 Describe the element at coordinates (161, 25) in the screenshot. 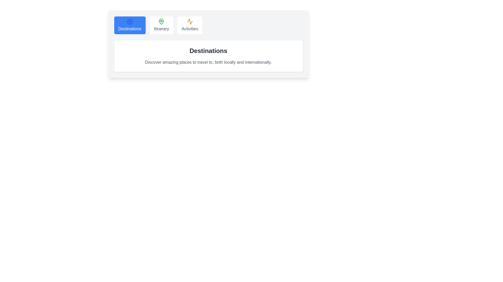

I see `the tab labeled Itinerary to observe the hover effect` at that location.